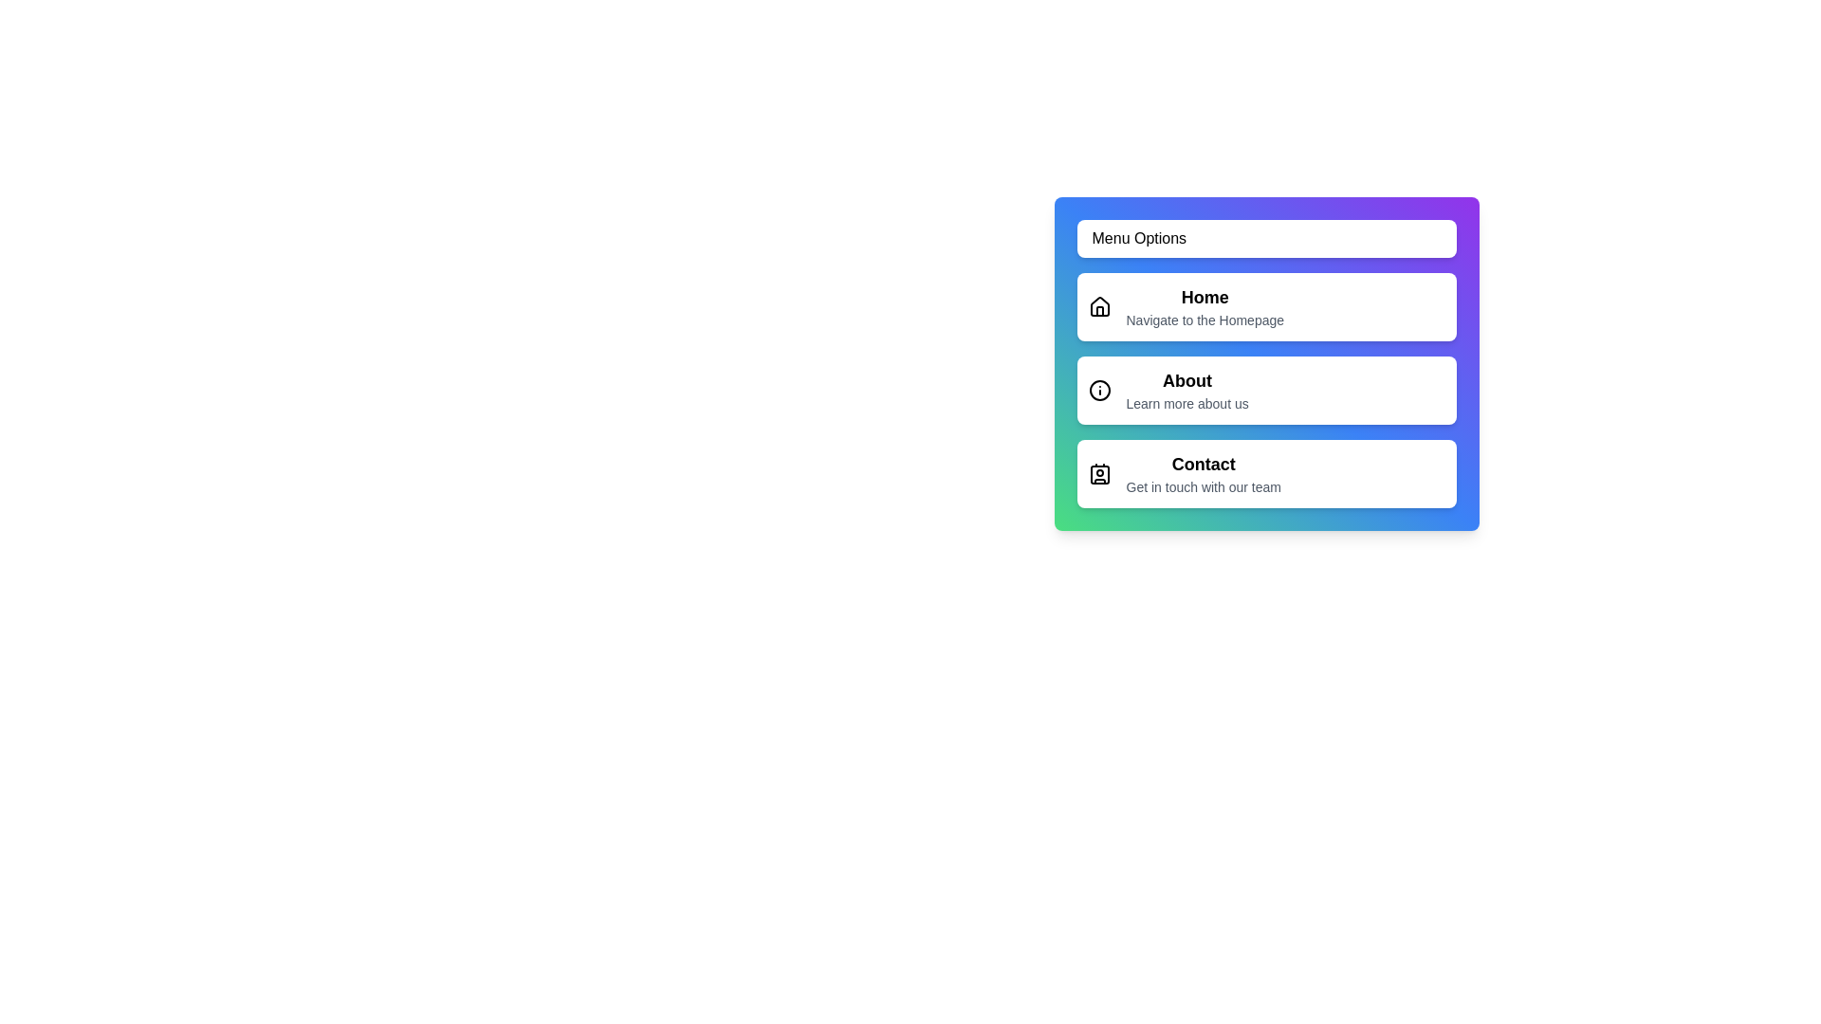 This screenshot has width=1821, height=1024. Describe the element at coordinates (1266, 306) in the screenshot. I see `the menu item labeled Home` at that location.